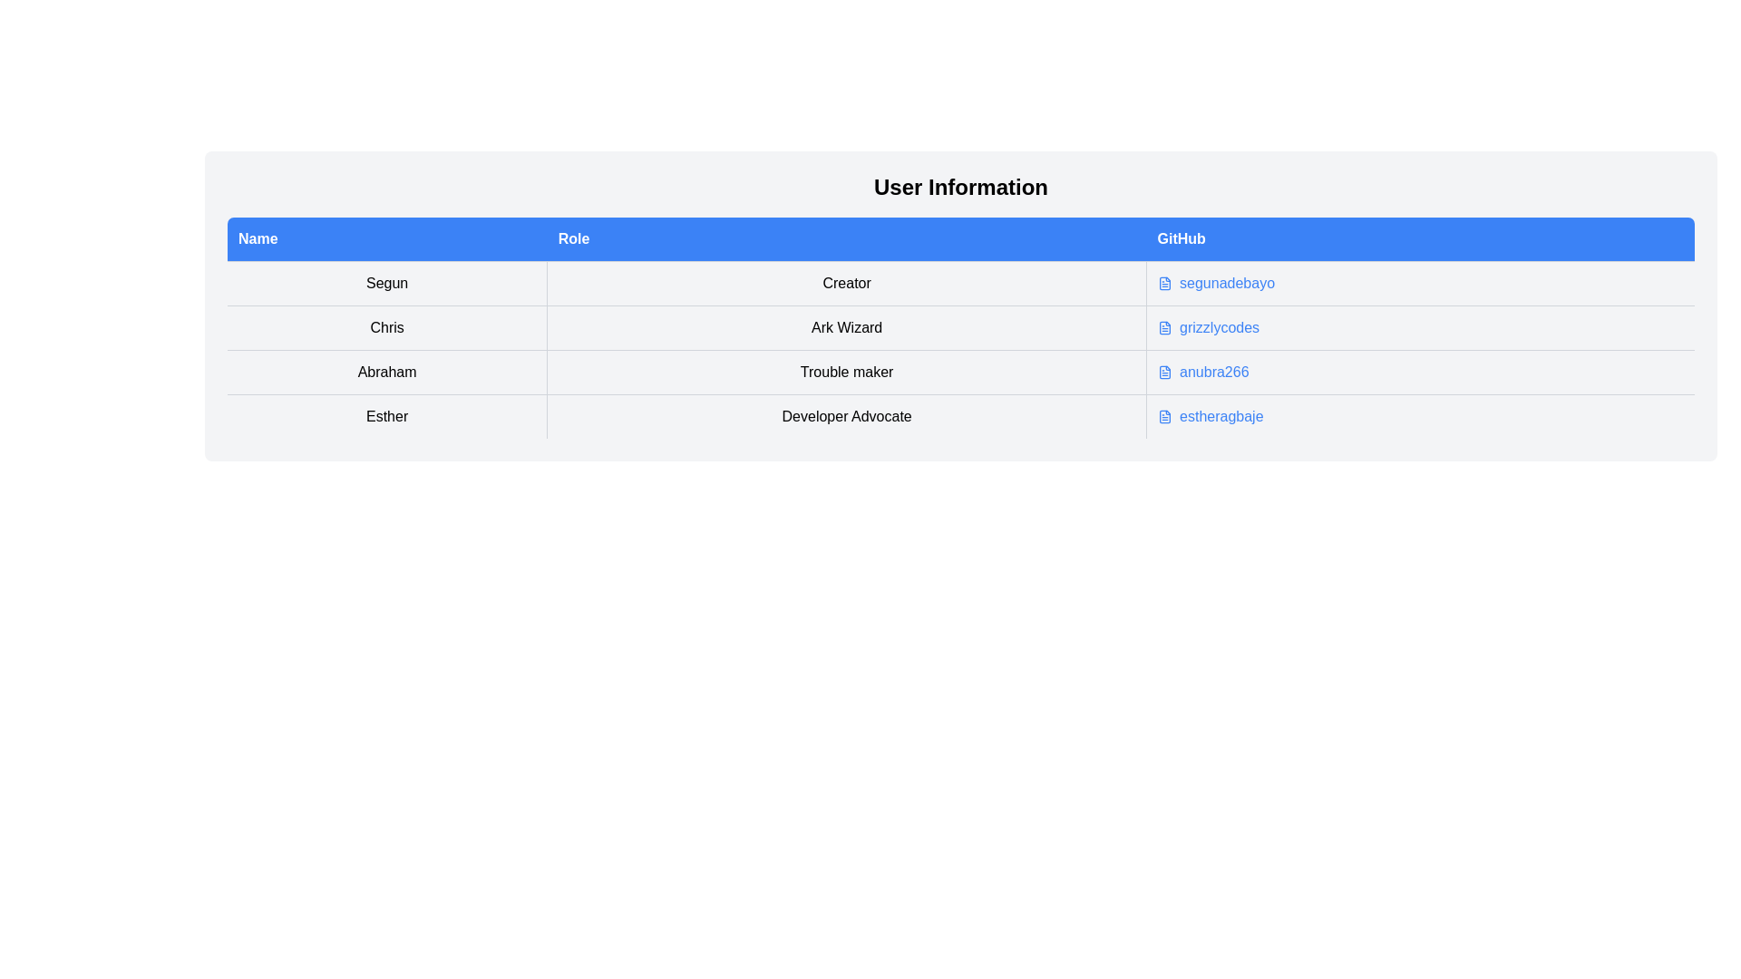  Describe the element at coordinates (1165, 283) in the screenshot. I see `the document icon in the 'GitHub' column next to the row labeled 'Sagun'` at that location.